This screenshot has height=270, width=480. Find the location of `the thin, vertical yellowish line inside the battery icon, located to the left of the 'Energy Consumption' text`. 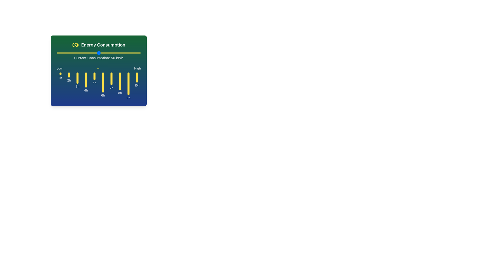

the thin, vertical yellowish line inside the battery icon, located to the left of the 'Energy Consumption' text is located at coordinates (73, 45).